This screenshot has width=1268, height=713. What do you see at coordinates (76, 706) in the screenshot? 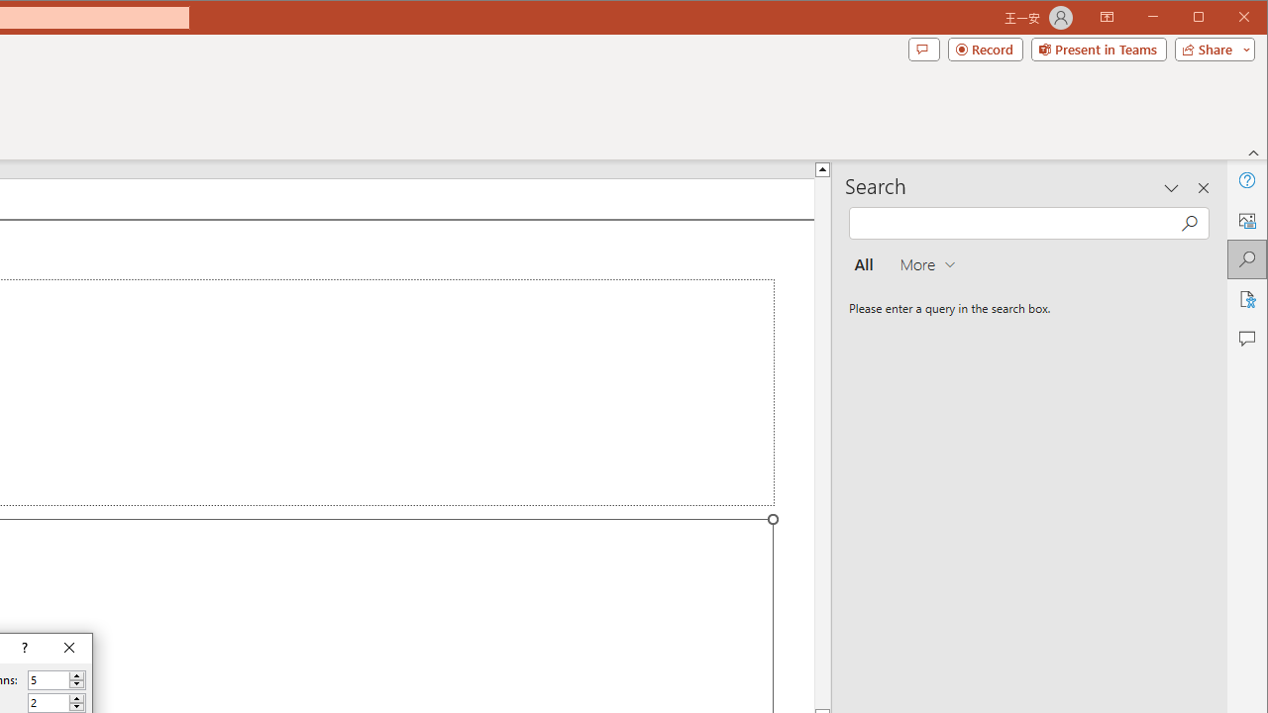
I see `'Less'` at bounding box center [76, 706].